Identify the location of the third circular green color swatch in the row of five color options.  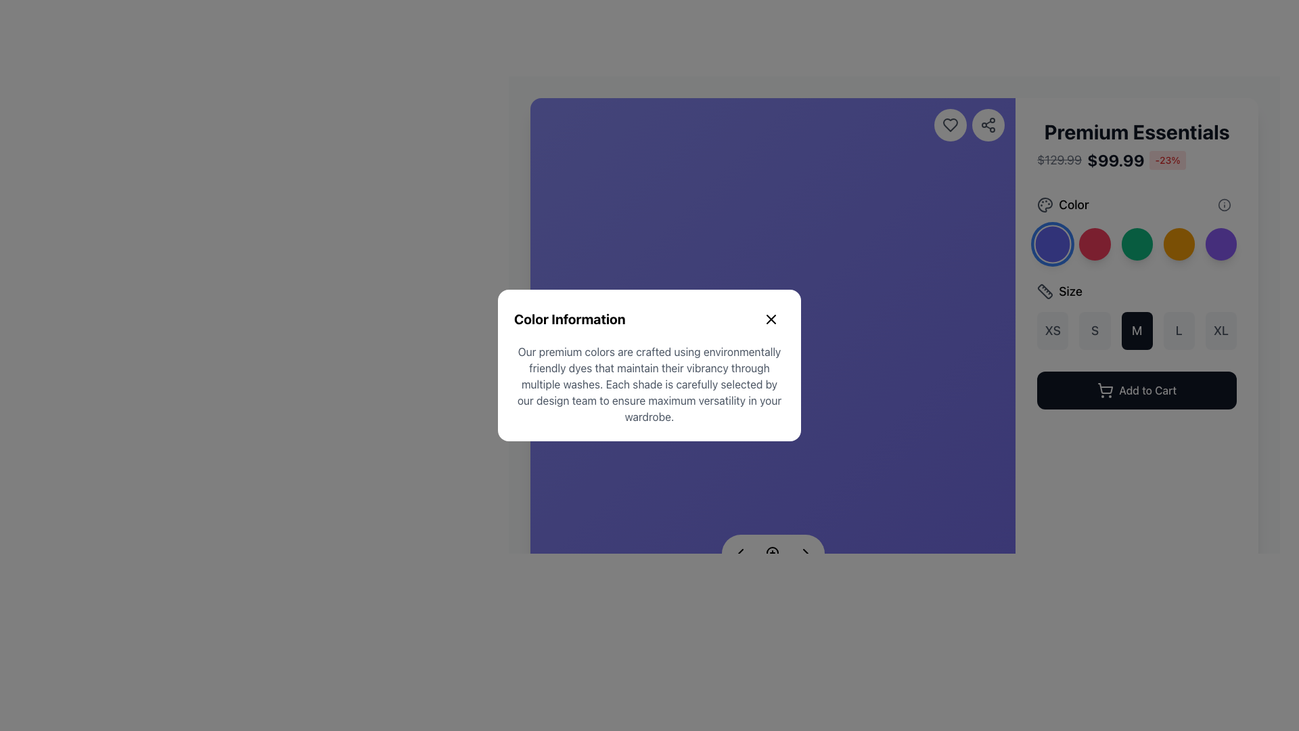
(1137, 244).